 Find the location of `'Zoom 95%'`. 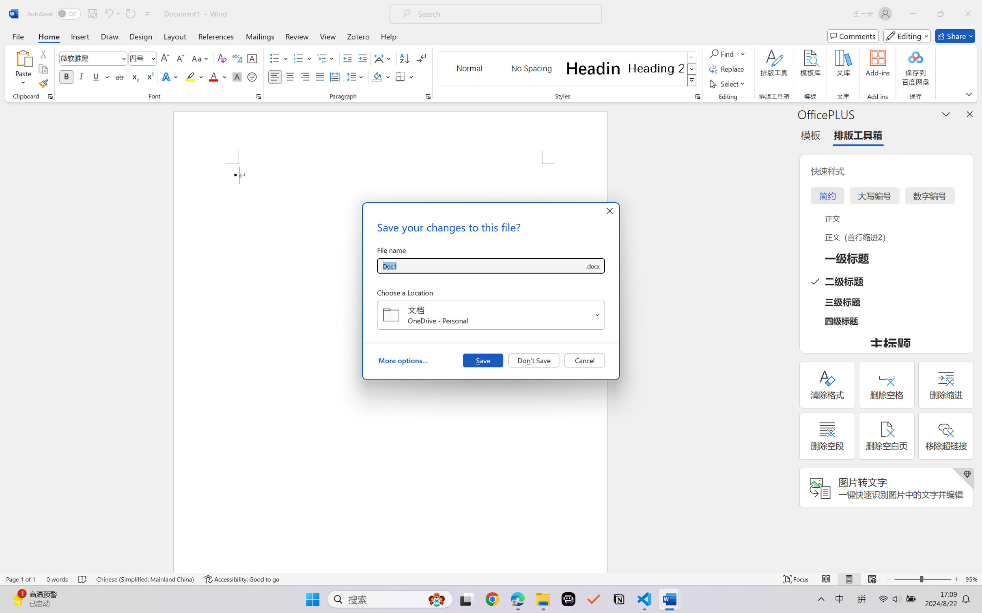

'Zoom 95%' is located at coordinates (971, 579).